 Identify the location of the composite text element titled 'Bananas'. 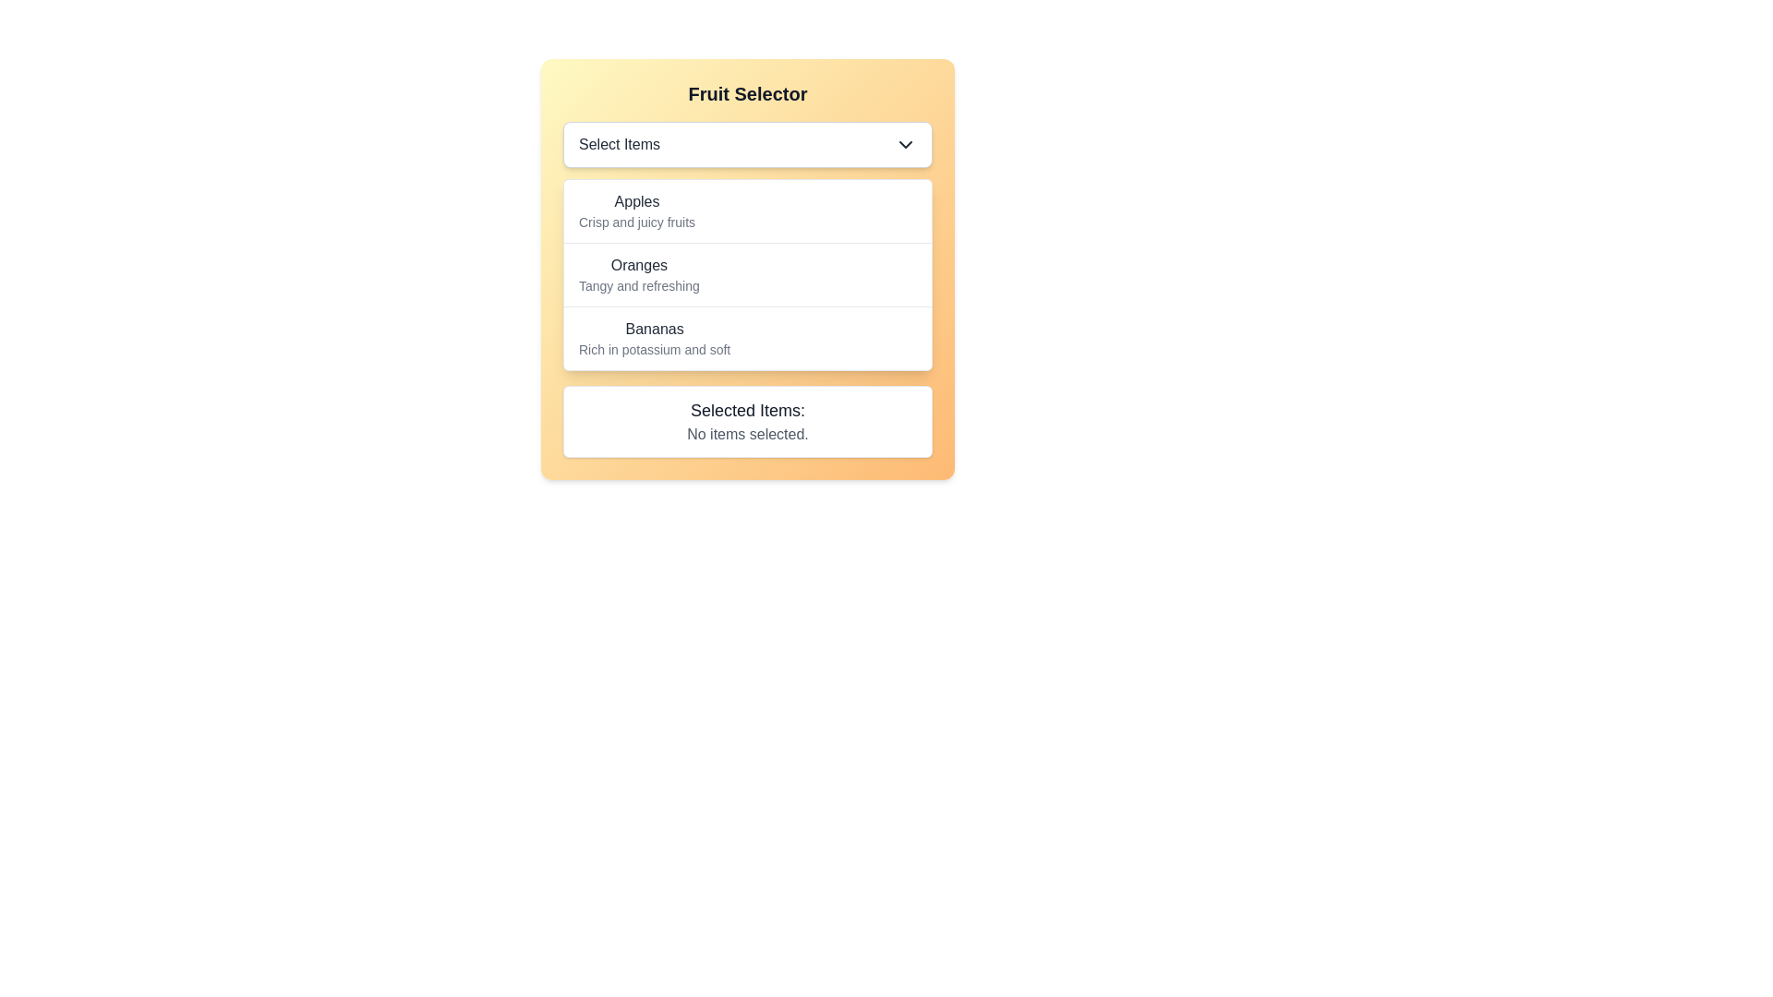
(655, 338).